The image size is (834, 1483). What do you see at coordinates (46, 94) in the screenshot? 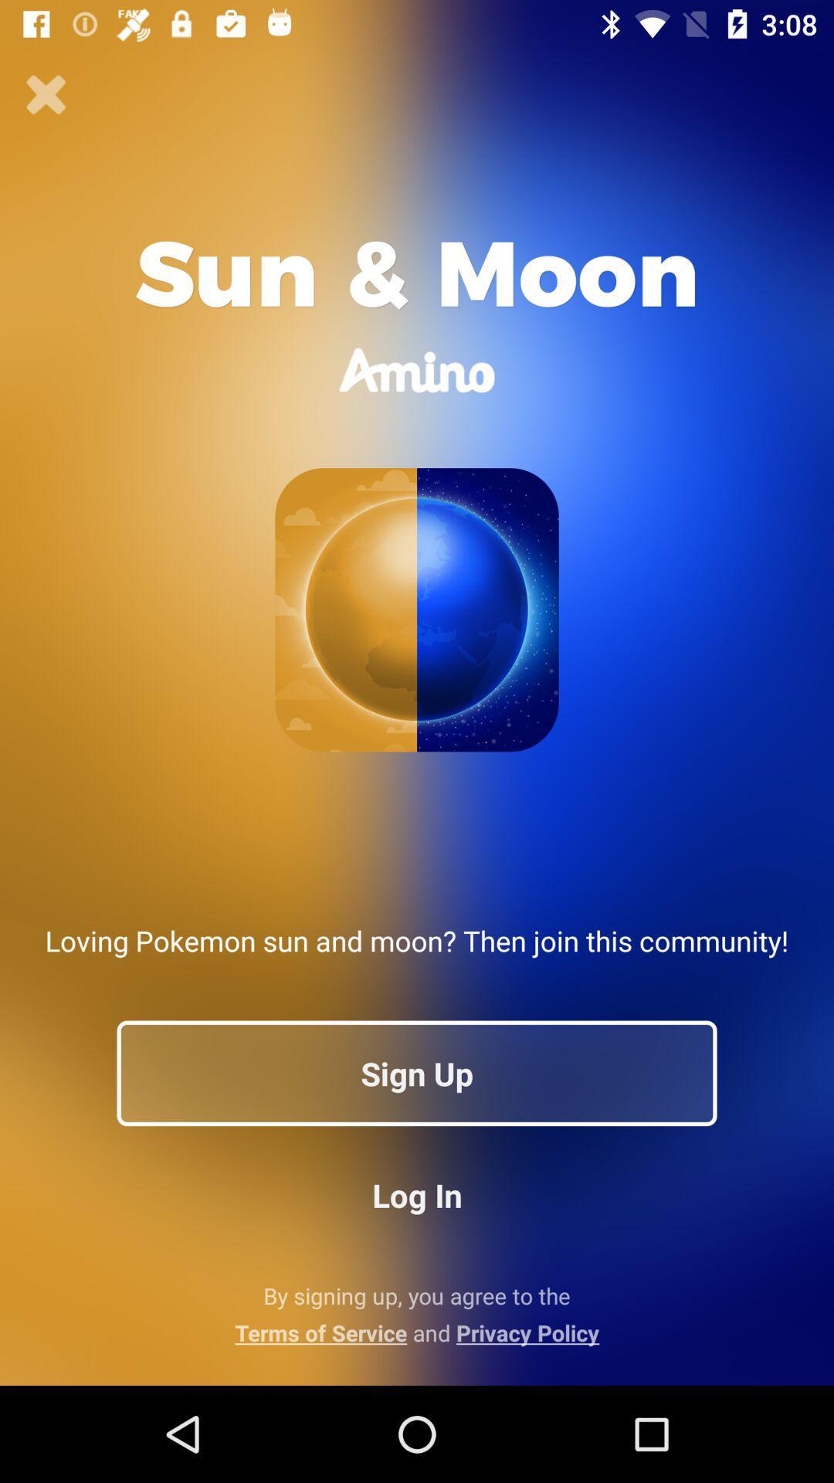
I see `the close icon` at bounding box center [46, 94].